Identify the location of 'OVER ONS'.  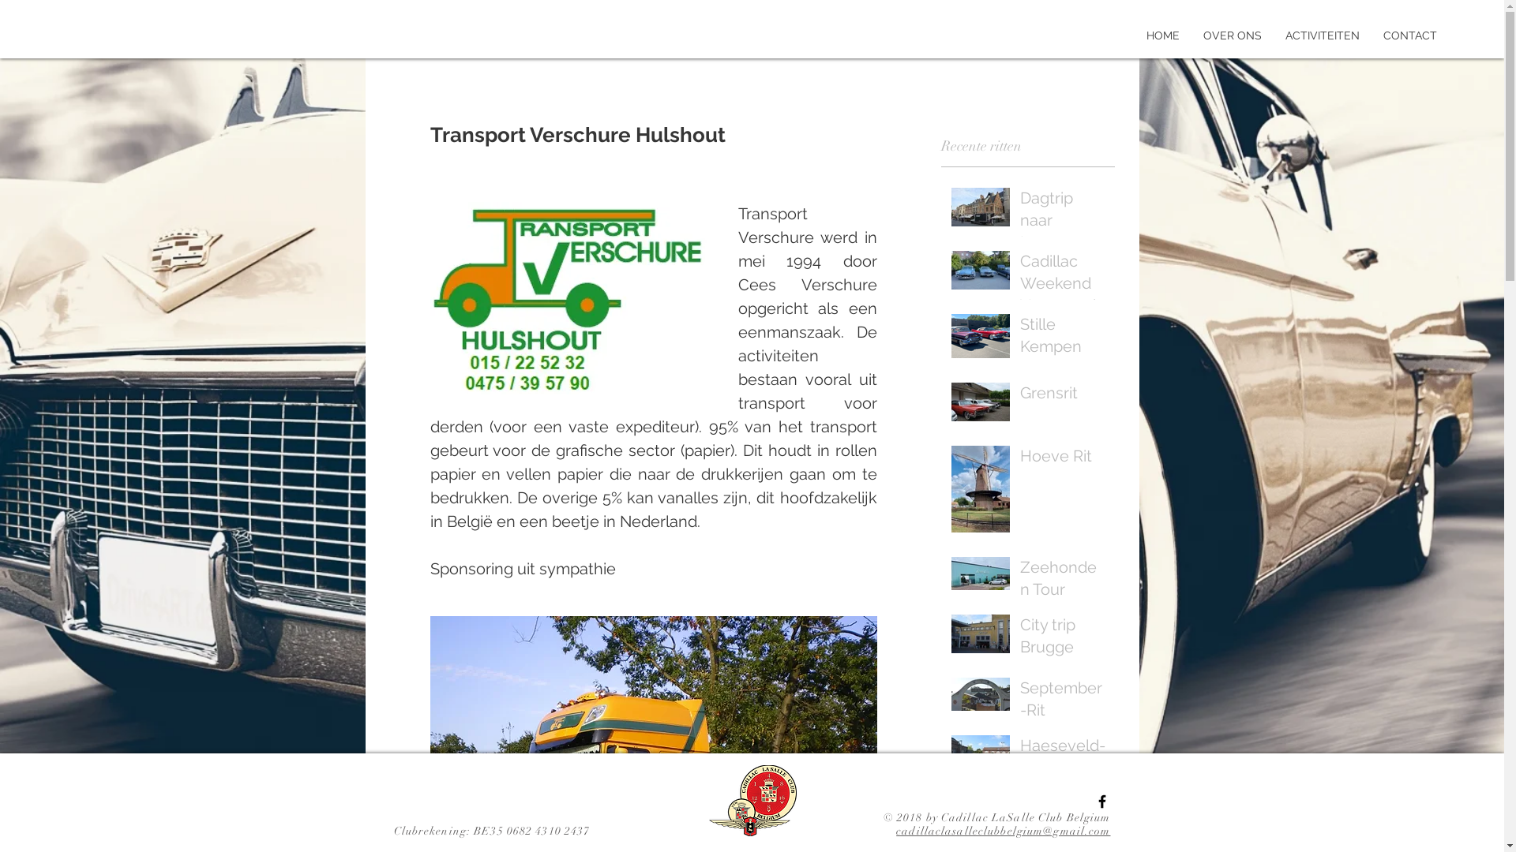
(1191, 35).